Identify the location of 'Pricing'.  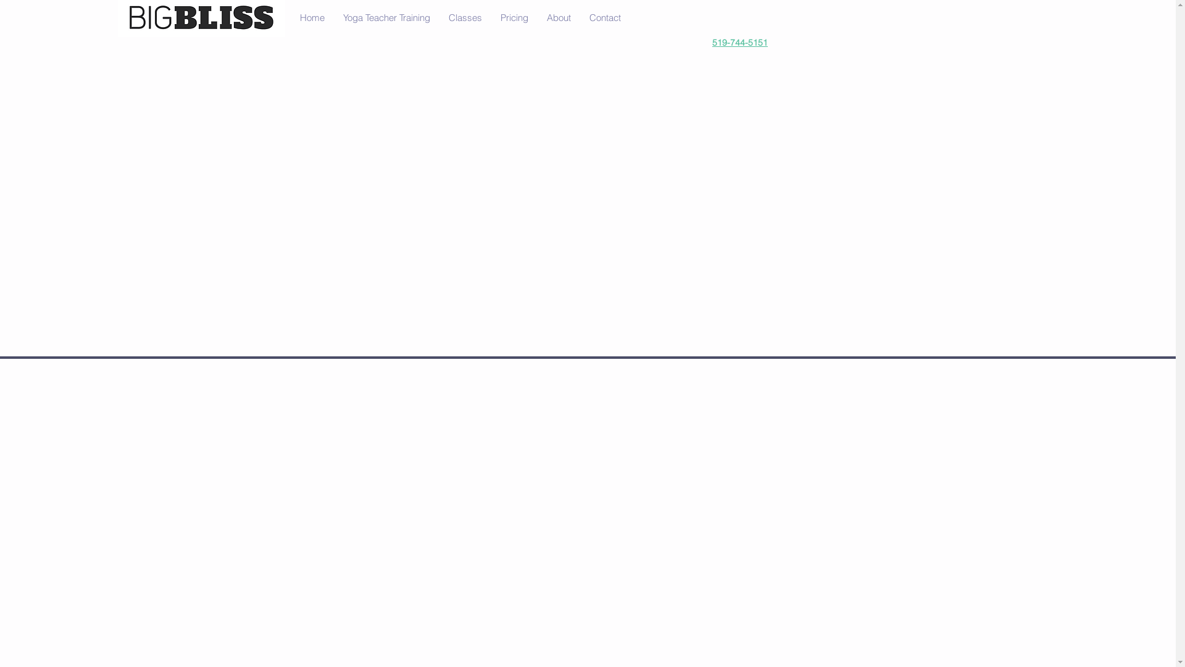
(514, 18).